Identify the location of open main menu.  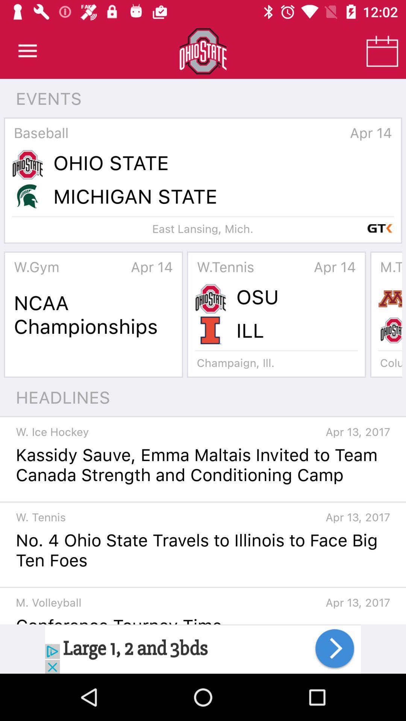
(27, 51).